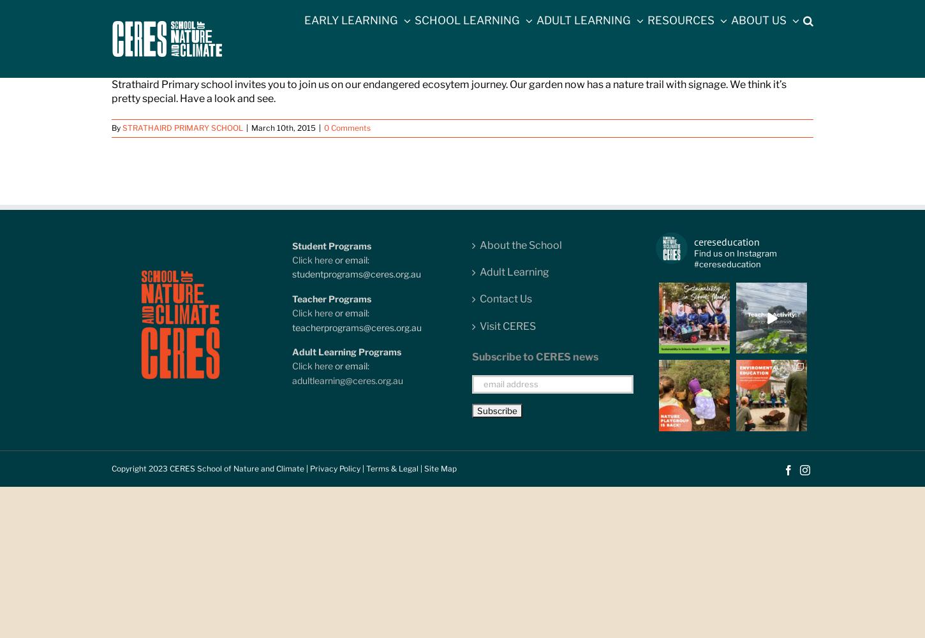 Image resolution: width=925 pixels, height=638 pixels. Describe the element at coordinates (725, 241) in the screenshot. I see `'cereseducation'` at that location.